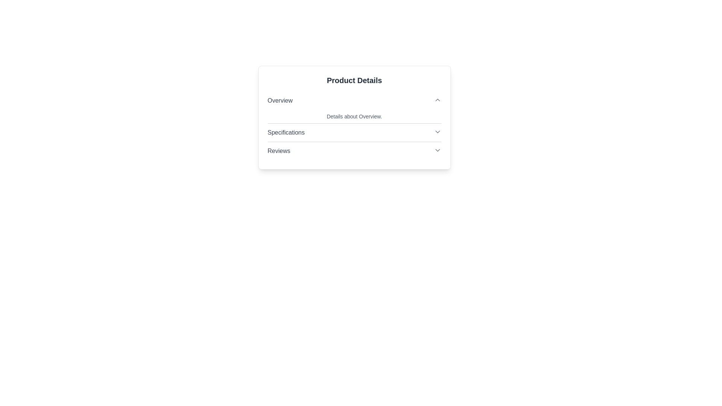 The image size is (722, 406). What do you see at coordinates (437, 100) in the screenshot?
I see `the collapse icon located to the far right of the 'Overview' section header within the 'Product Details' panel to hide the section contents` at bounding box center [437, 100].